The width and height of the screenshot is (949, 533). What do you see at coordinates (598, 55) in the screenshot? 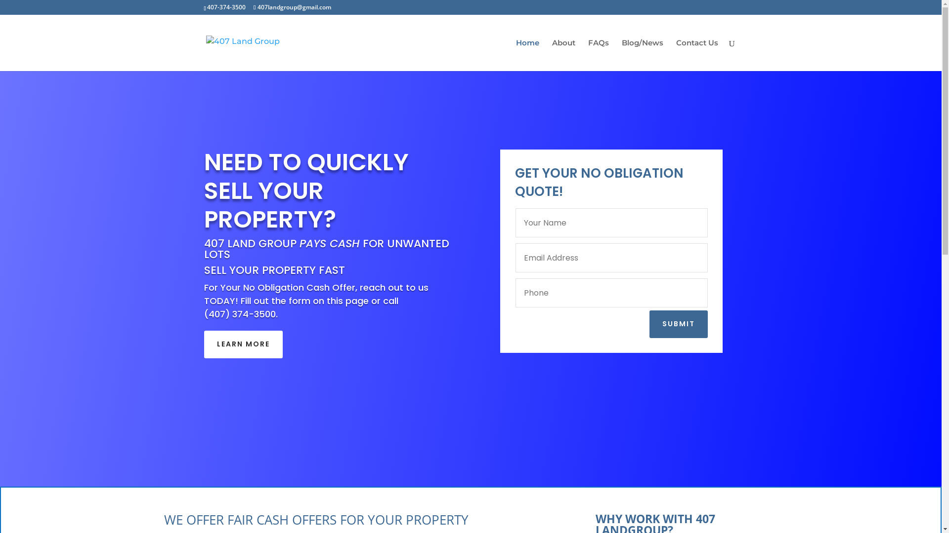
I see `'FAQs'` at bounding box center [598, 55].